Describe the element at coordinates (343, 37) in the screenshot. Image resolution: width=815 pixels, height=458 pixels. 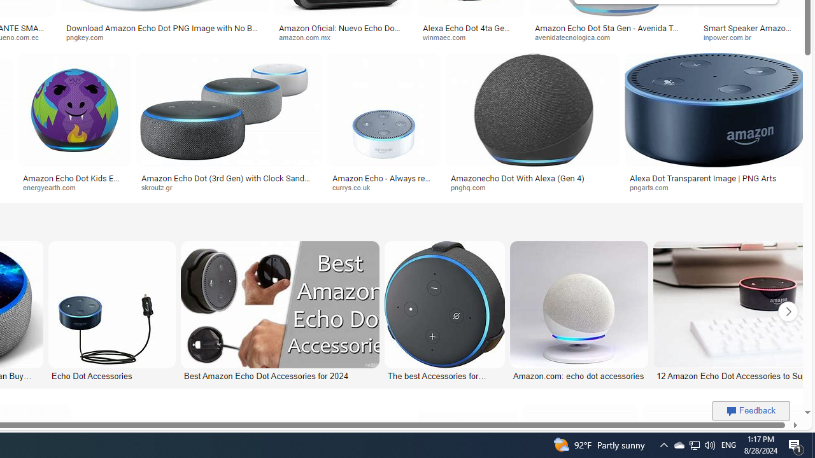
I see `'amazon.com.mx'` at that location.